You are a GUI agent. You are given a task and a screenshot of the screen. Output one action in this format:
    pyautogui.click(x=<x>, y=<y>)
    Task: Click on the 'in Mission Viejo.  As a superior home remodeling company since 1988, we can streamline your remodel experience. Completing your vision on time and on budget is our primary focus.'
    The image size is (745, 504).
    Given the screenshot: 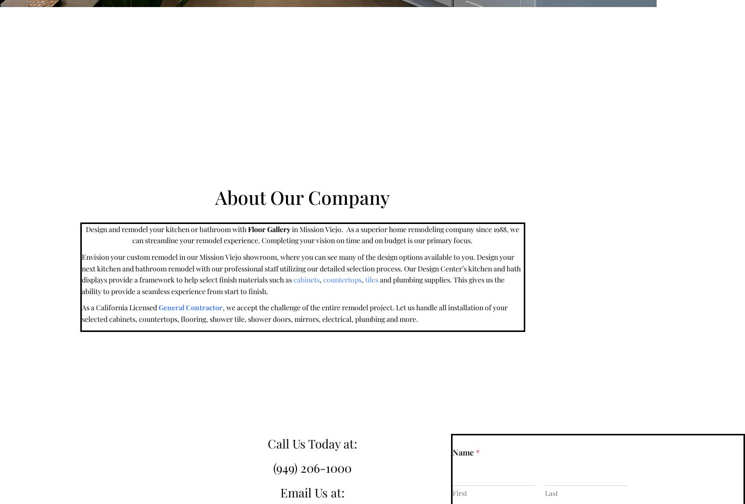 What is the action you would take?
    pyautogui.click(x=325, y=235)
    